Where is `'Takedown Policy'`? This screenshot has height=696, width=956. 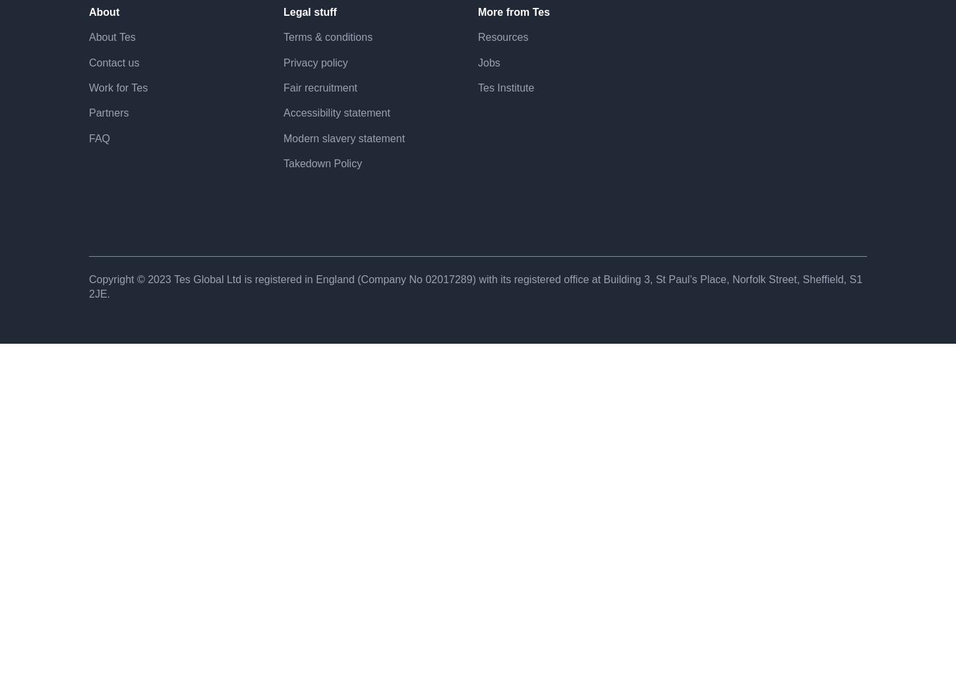
'Takedown Policy' is located at coordinates (322, 209).